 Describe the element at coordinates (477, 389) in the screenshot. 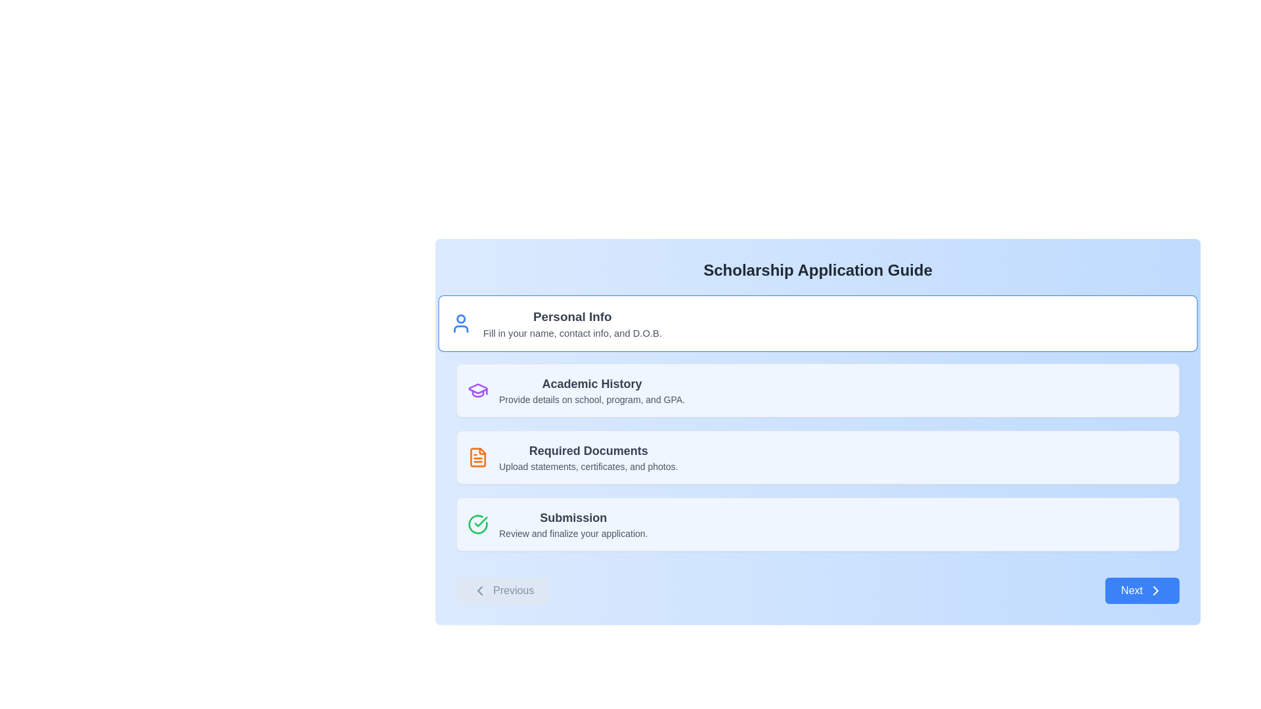

I see `the purple graduation cap icon located to the left of the 'Academic History' section in the card-like component` at that location.